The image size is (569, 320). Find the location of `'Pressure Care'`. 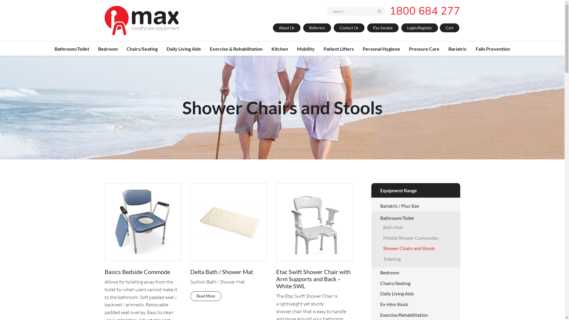

'Pressure Care' is located at coordinates (424, 48).